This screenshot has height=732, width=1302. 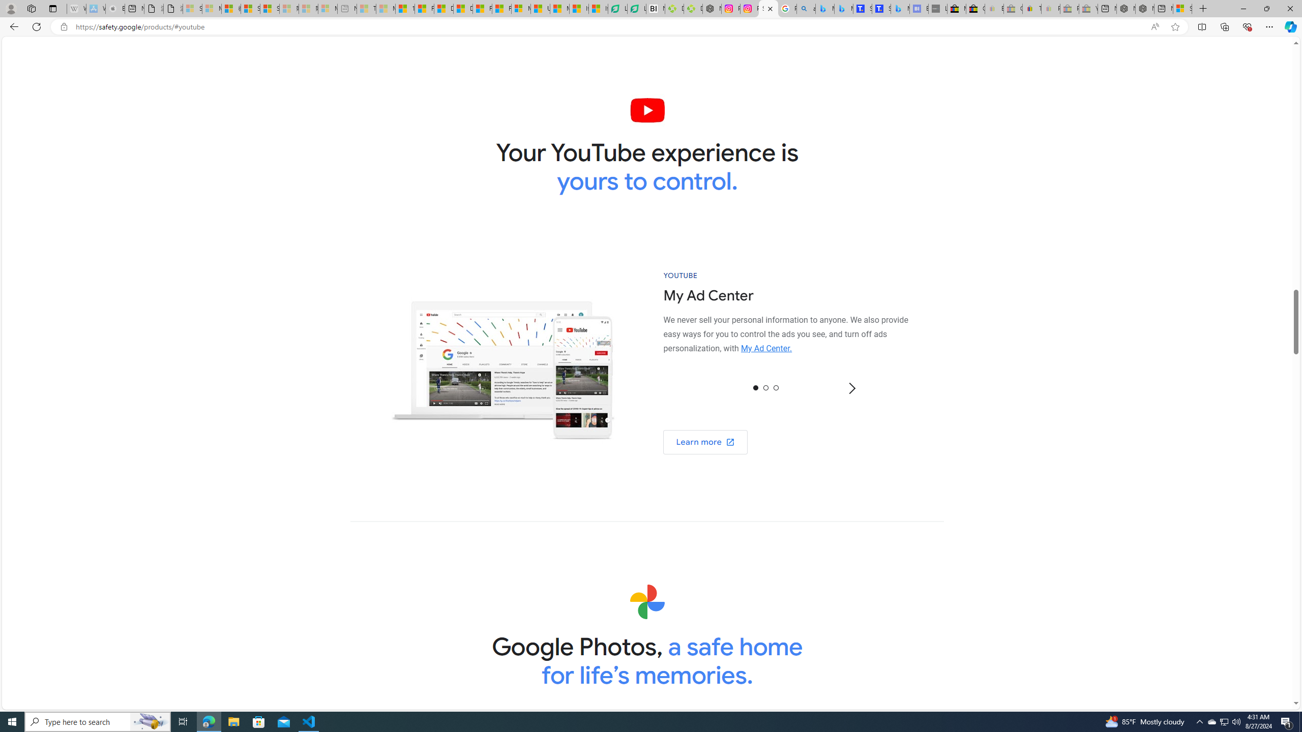 I want to click on 'Microsoft Services Agreement - Sleeping', so click(x=211, y=8).